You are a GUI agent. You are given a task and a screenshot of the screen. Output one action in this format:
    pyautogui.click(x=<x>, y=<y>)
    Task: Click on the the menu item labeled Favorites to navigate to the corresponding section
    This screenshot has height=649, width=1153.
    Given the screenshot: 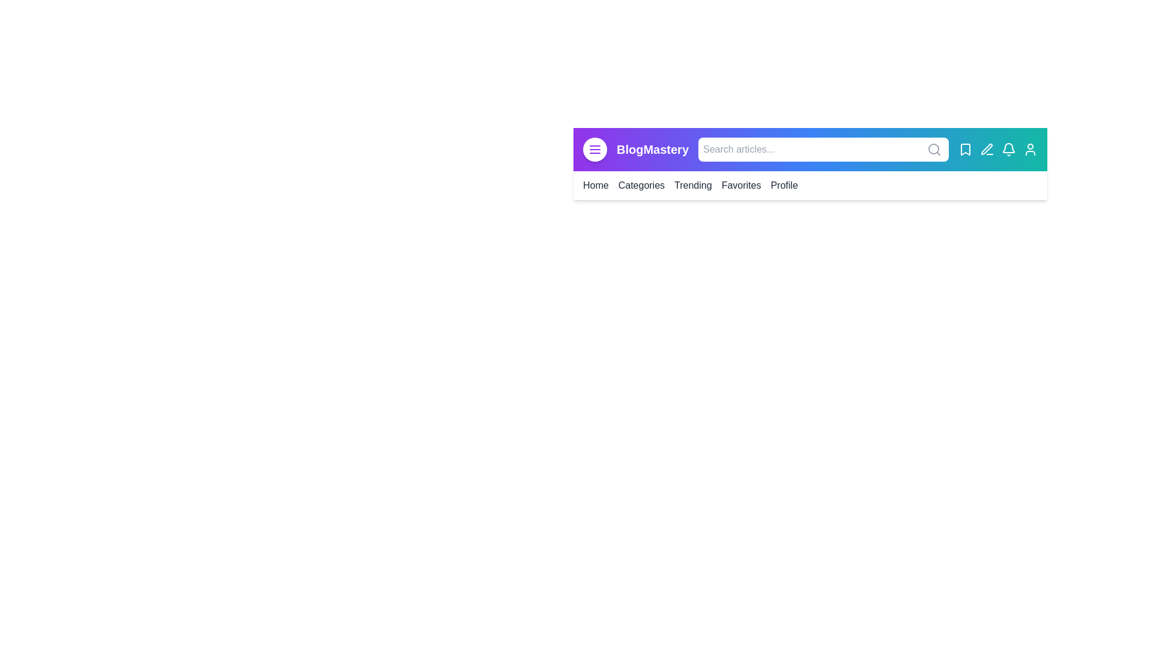 What is the action you would take?
    pyautogui.click(x=740, y=185)
    